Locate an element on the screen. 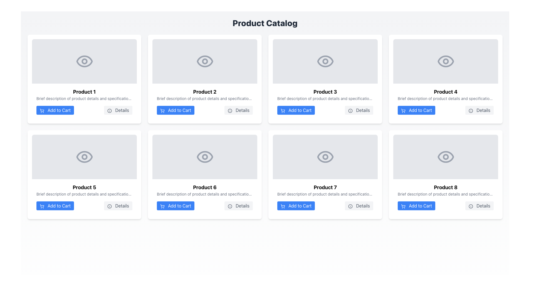 The width and height of the screenshot is (534, 300). the product title text is located at coordinates (204, 92).